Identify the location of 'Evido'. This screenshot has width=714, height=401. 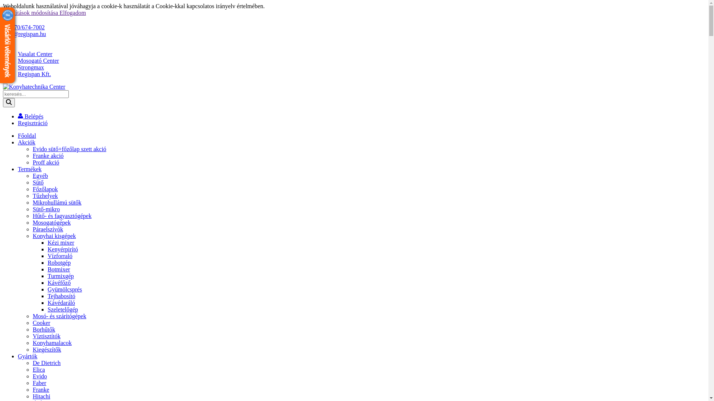
(39, 376).